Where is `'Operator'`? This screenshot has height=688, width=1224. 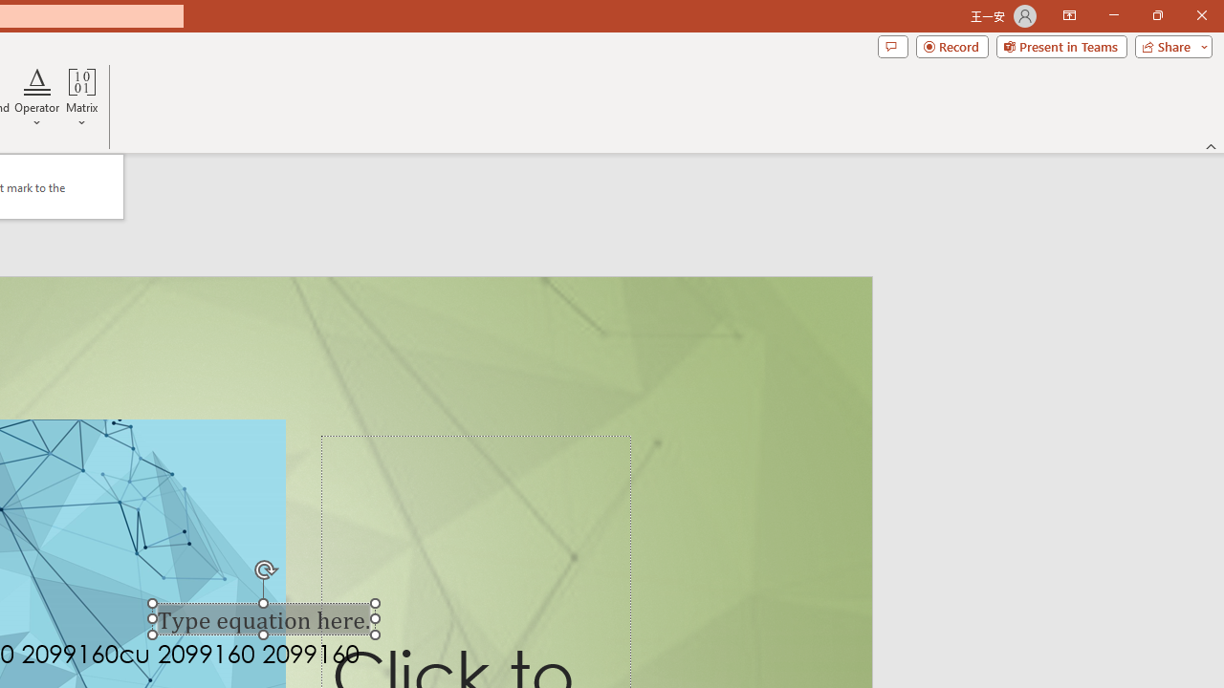
'Operator' is located at coordinates (37, 98).